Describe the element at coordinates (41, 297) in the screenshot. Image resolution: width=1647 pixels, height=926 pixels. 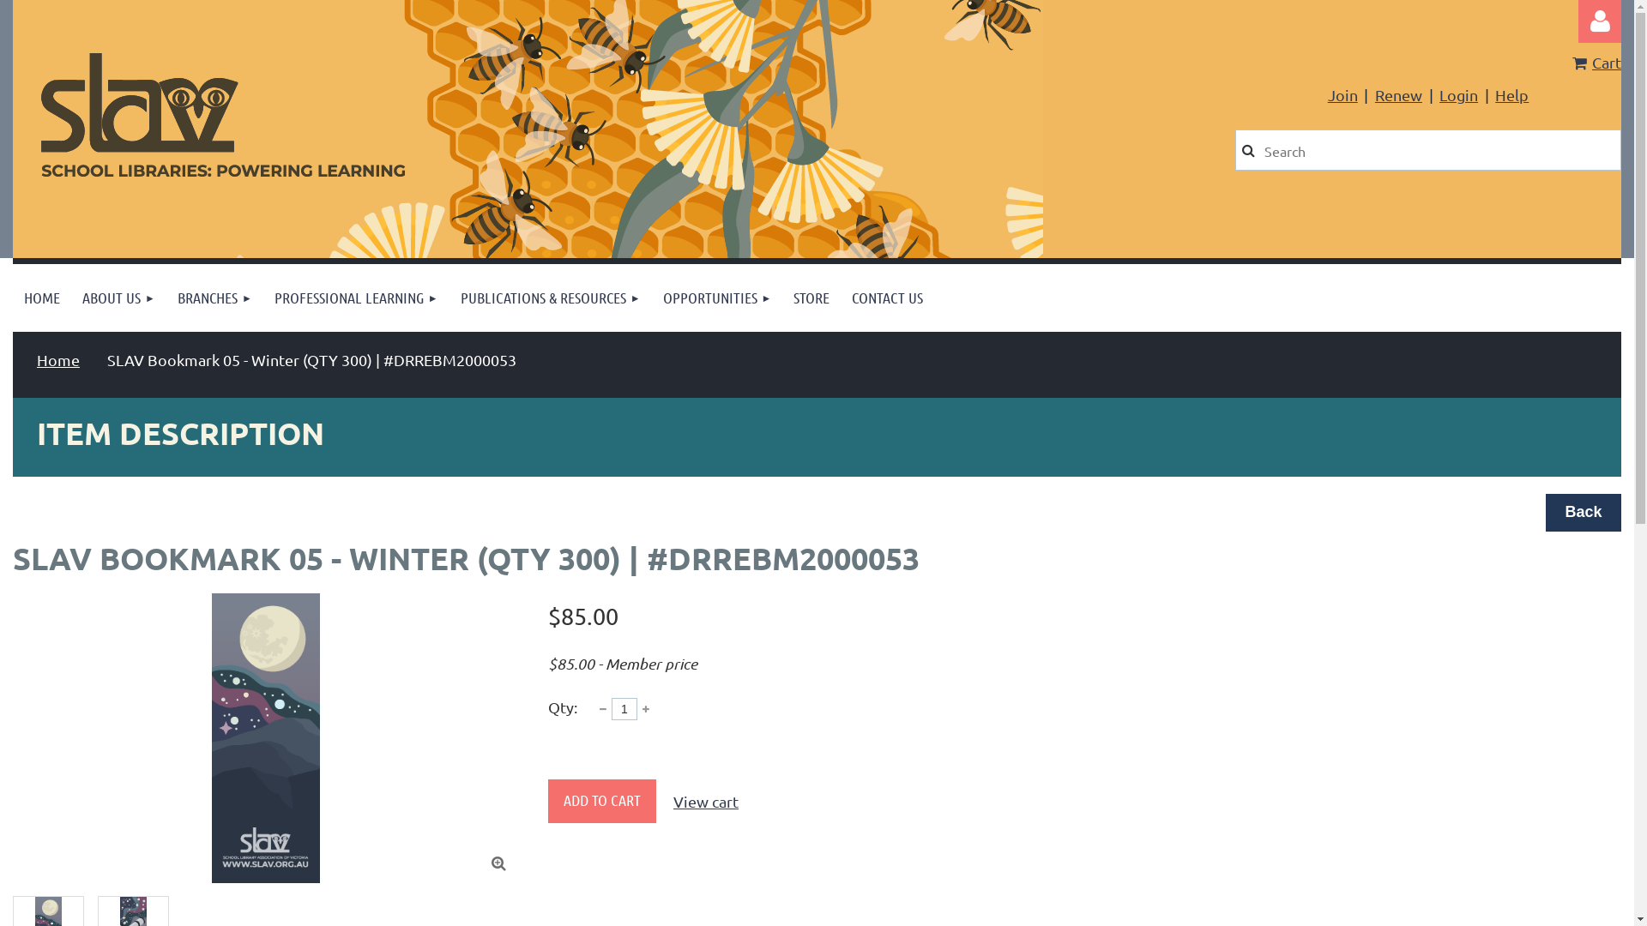
I see `'HOME'` at that location.